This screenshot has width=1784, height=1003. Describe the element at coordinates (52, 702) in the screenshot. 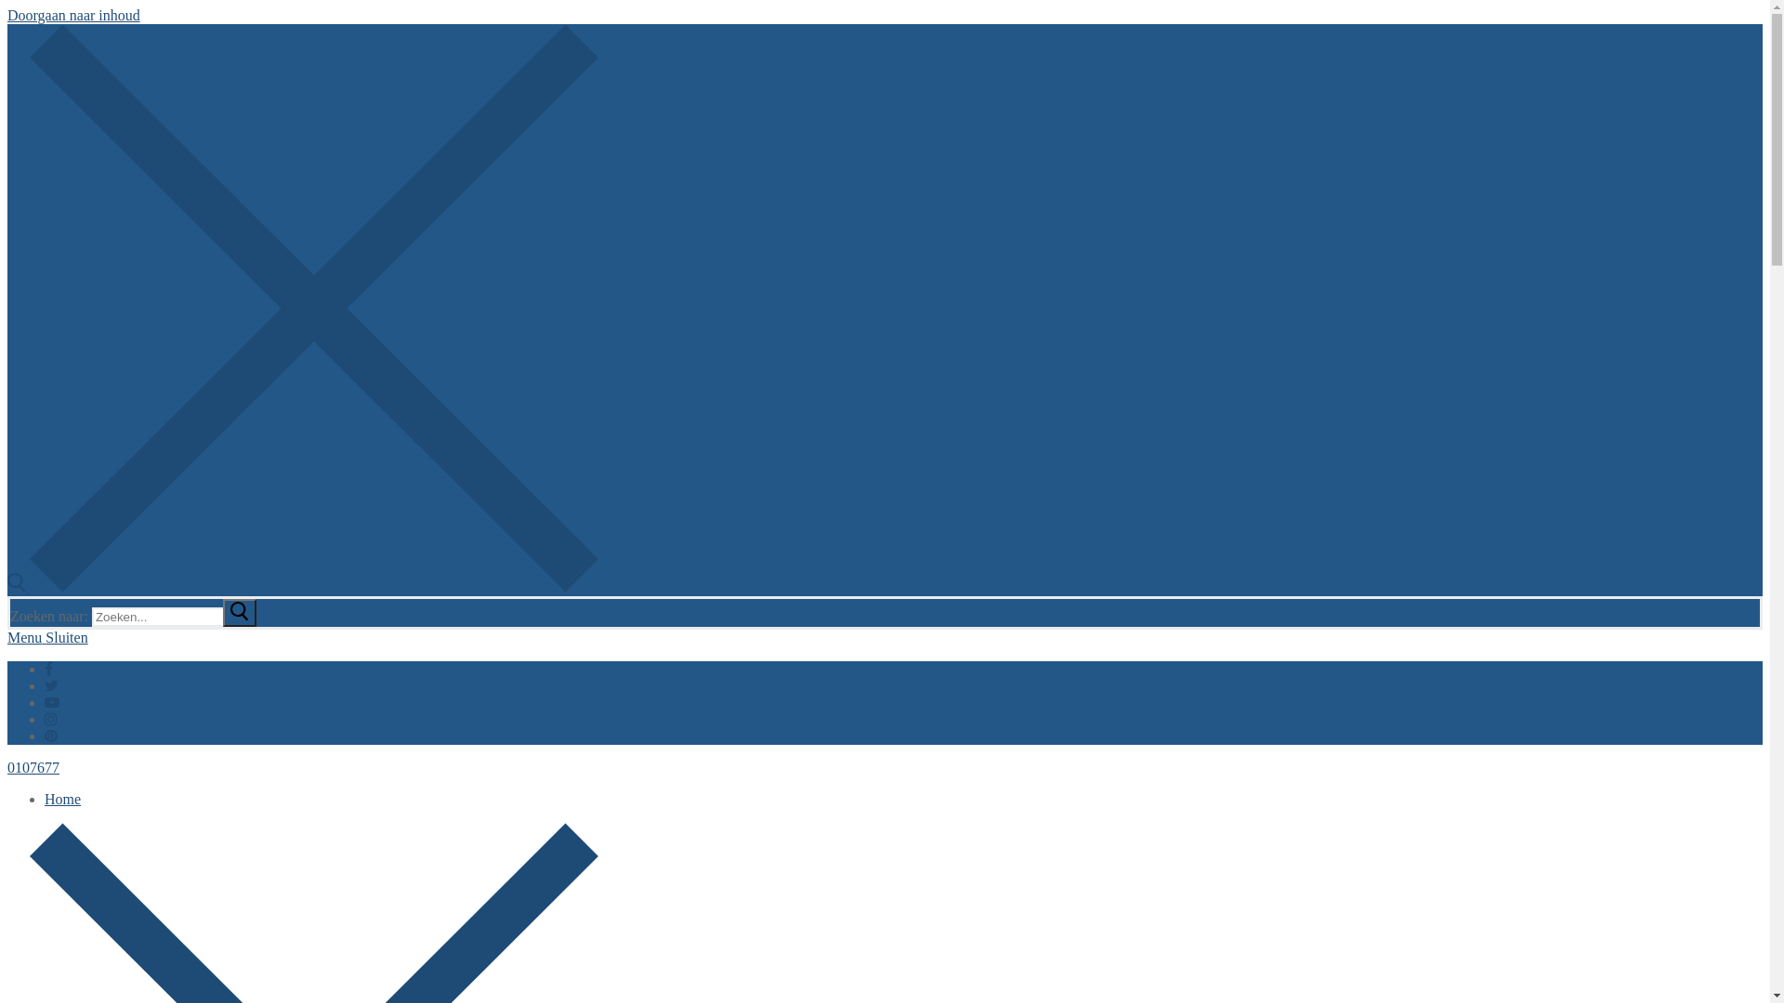

I see `'Youtube'` at that location.